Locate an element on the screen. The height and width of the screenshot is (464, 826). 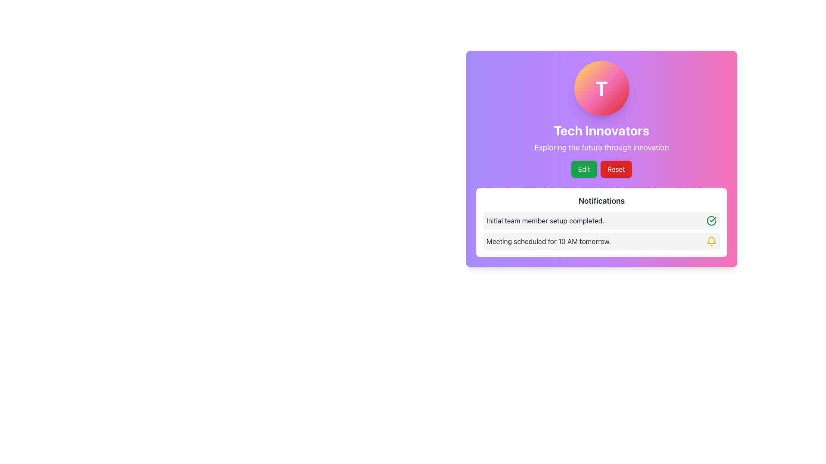
the SVG Checkmark icon that visually represents the successful completion of a task, located near the 'Initial team member setup completed.' notification message is located at coordinates (713, 219).